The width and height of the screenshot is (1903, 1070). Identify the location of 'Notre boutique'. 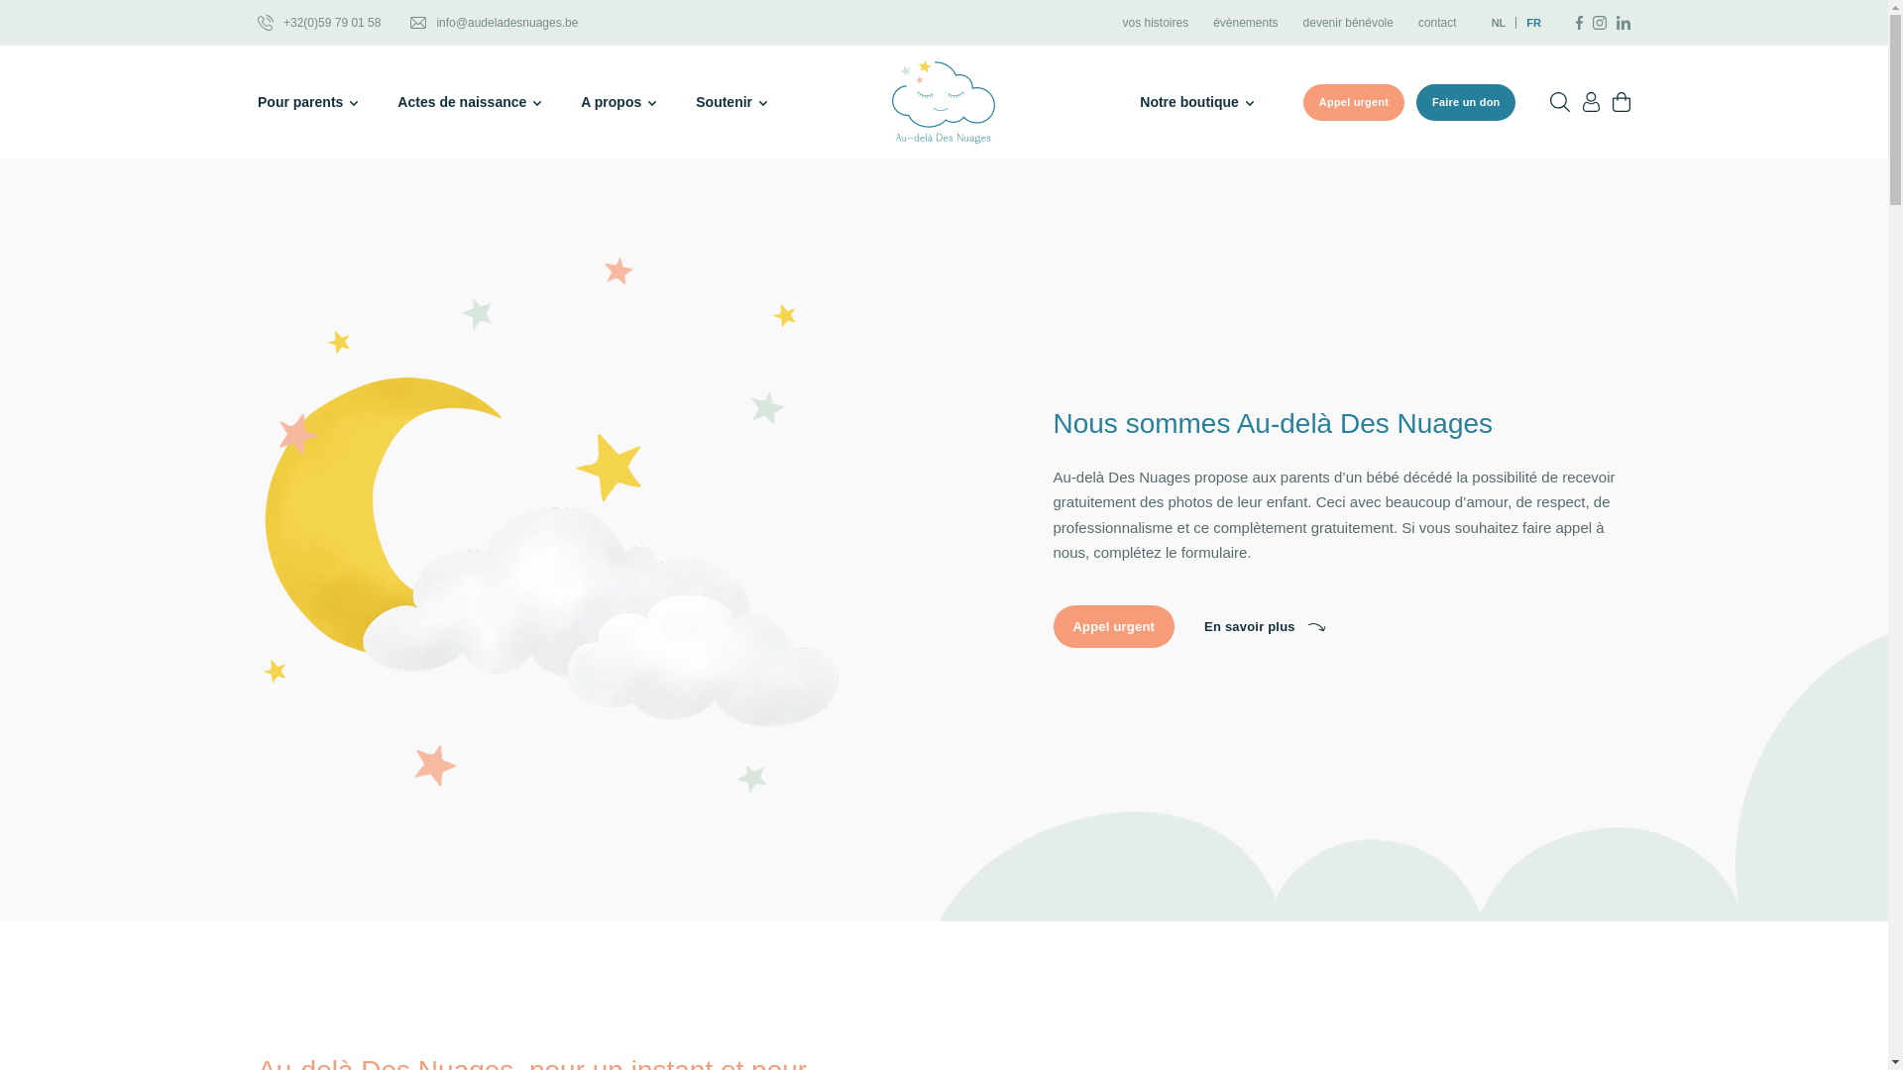
(1195, 102).